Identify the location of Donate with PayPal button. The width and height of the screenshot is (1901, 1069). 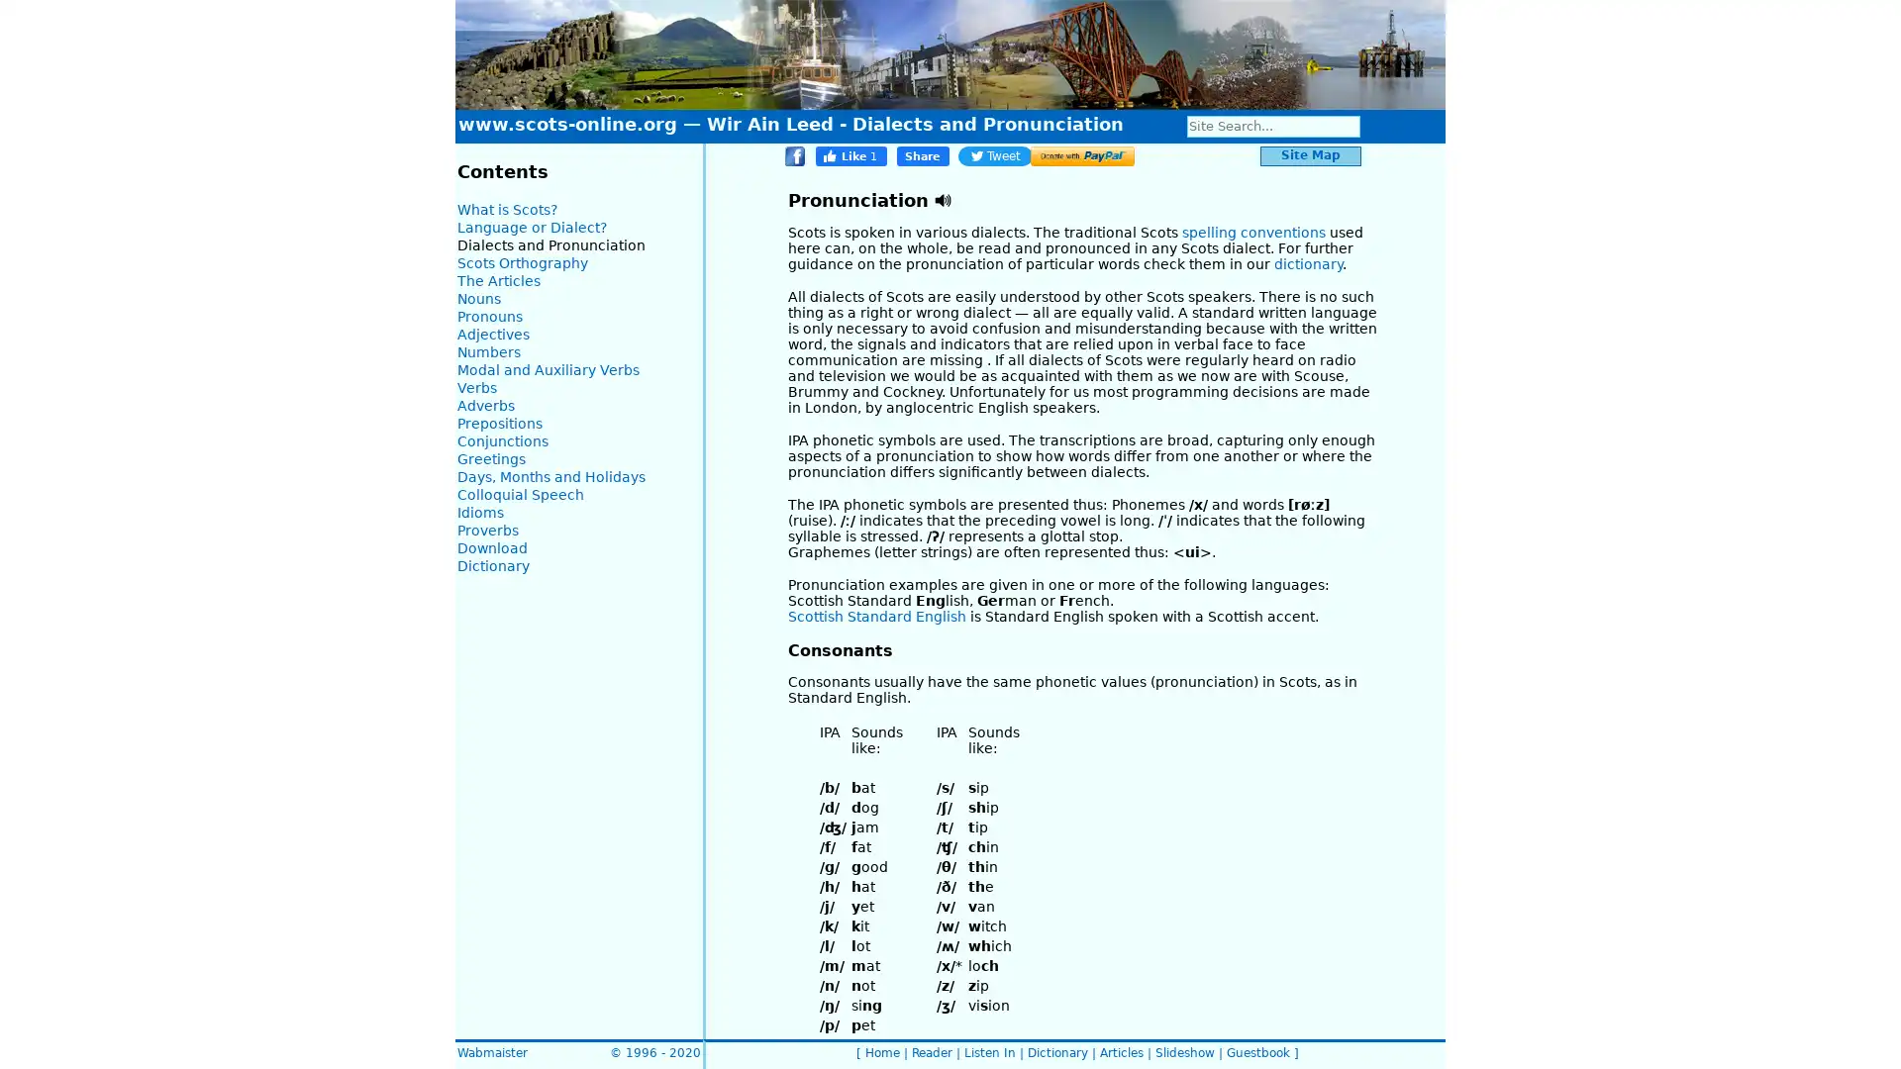
(1081, 155).